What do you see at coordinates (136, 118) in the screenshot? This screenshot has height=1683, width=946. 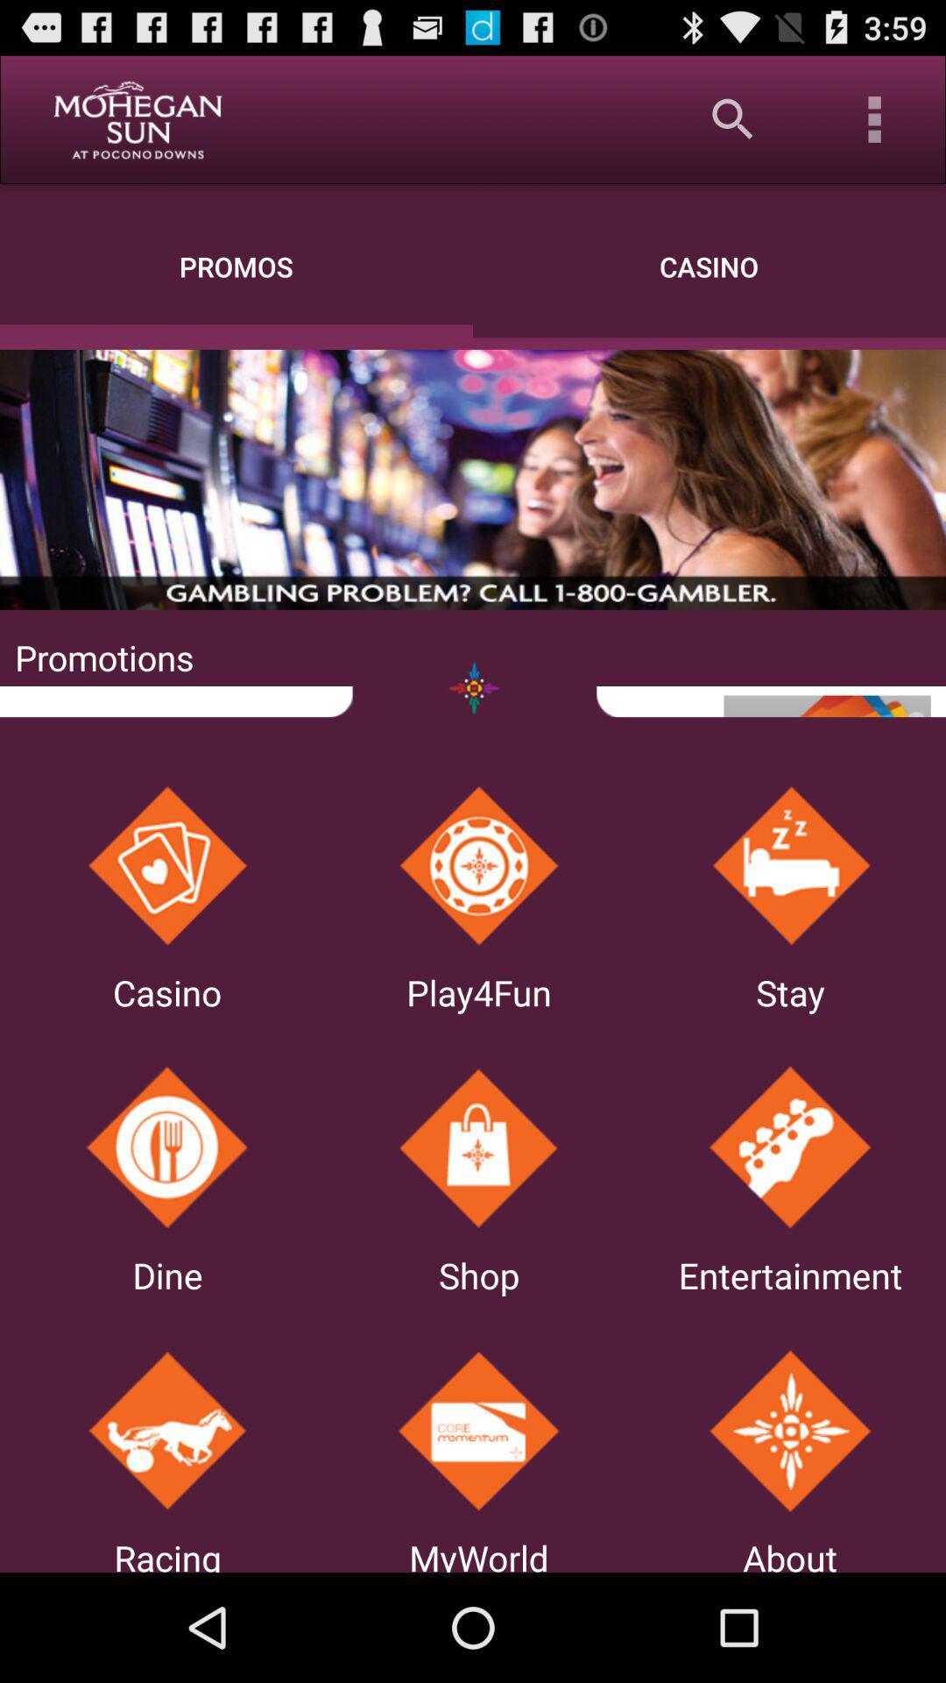 I see `the logo of the web page` at bounding box center [136, 118].